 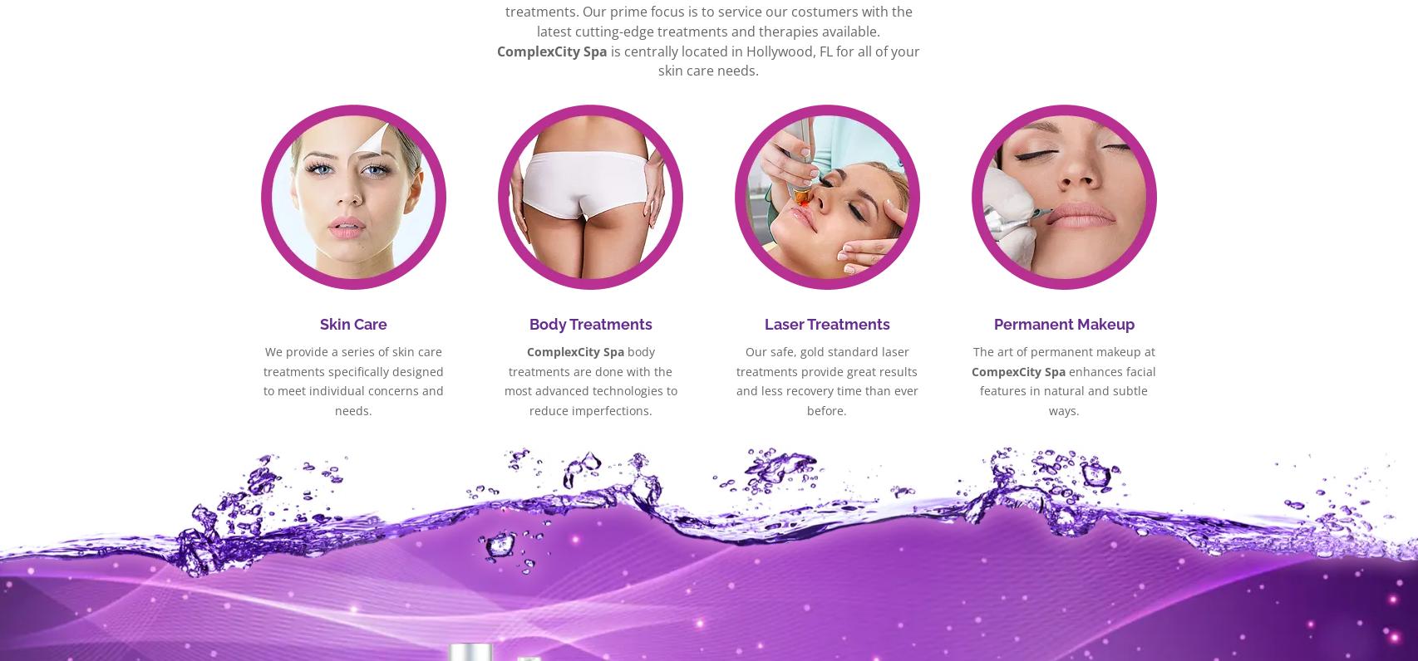 I want to click on 'Permanent Makeup', so click(x=1063, y=324).